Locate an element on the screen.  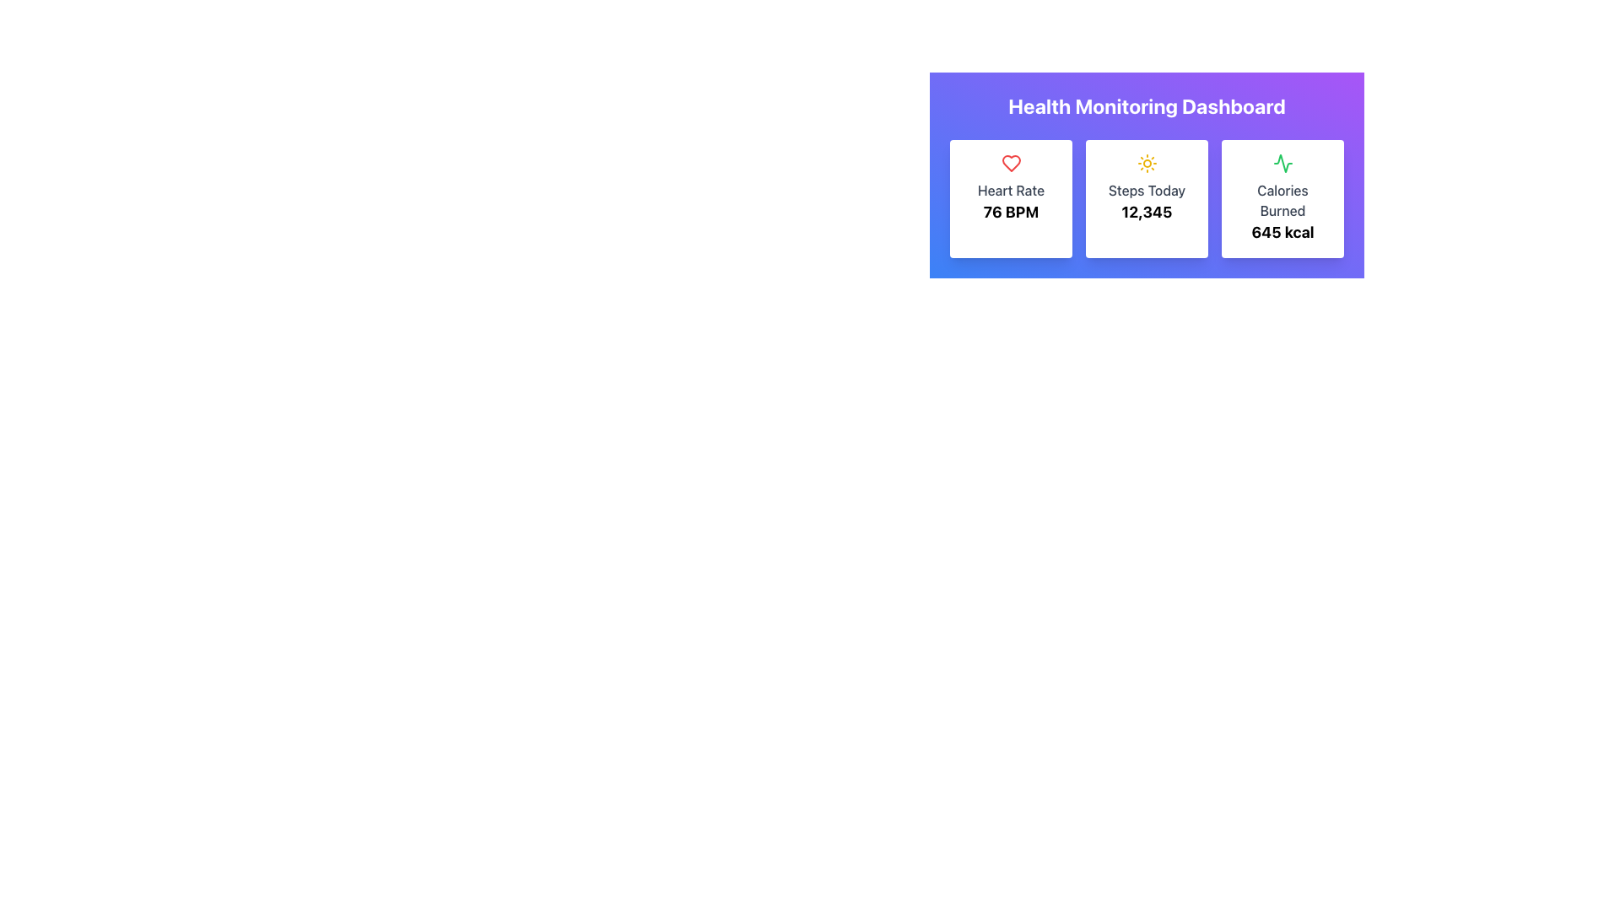
the bold, large-text number '12,345' displayed in black within the light-toned rectangular card labeled 'Steps Today' for dynamic interactions is located at coordinates (1147, 211).